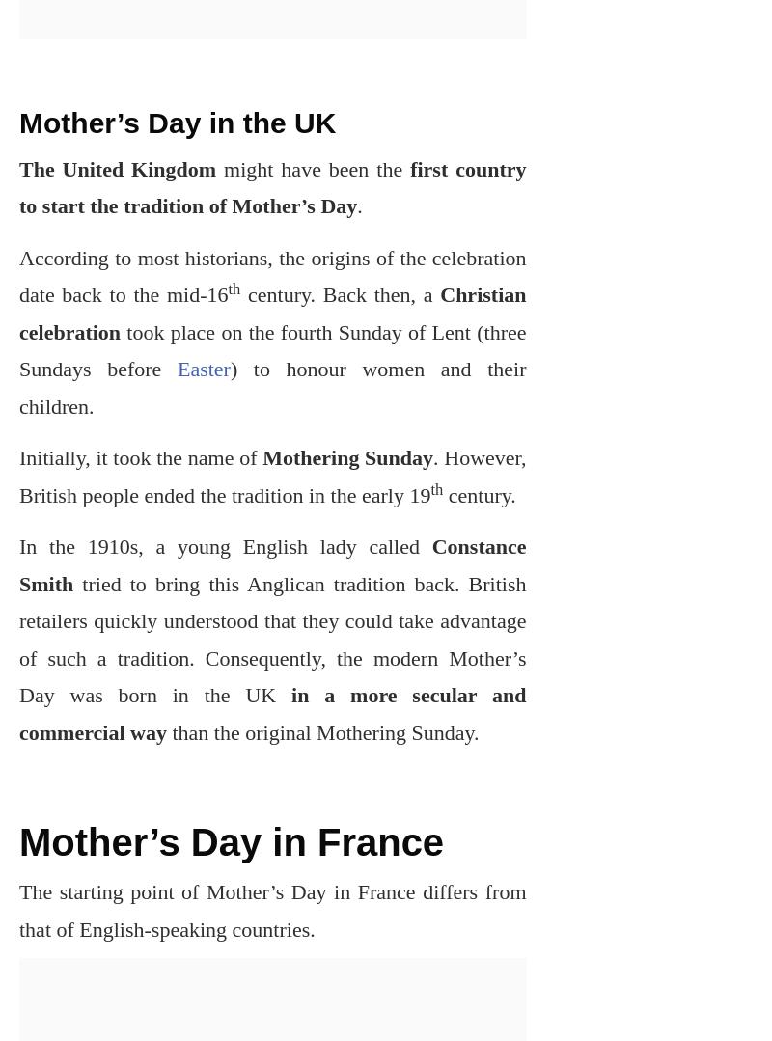 The height and width of the screenshot is (1041, 772). Describe the element at coordinates (19, 841) in the screenshot. I see `'Mother’s Day in France'` at that location.